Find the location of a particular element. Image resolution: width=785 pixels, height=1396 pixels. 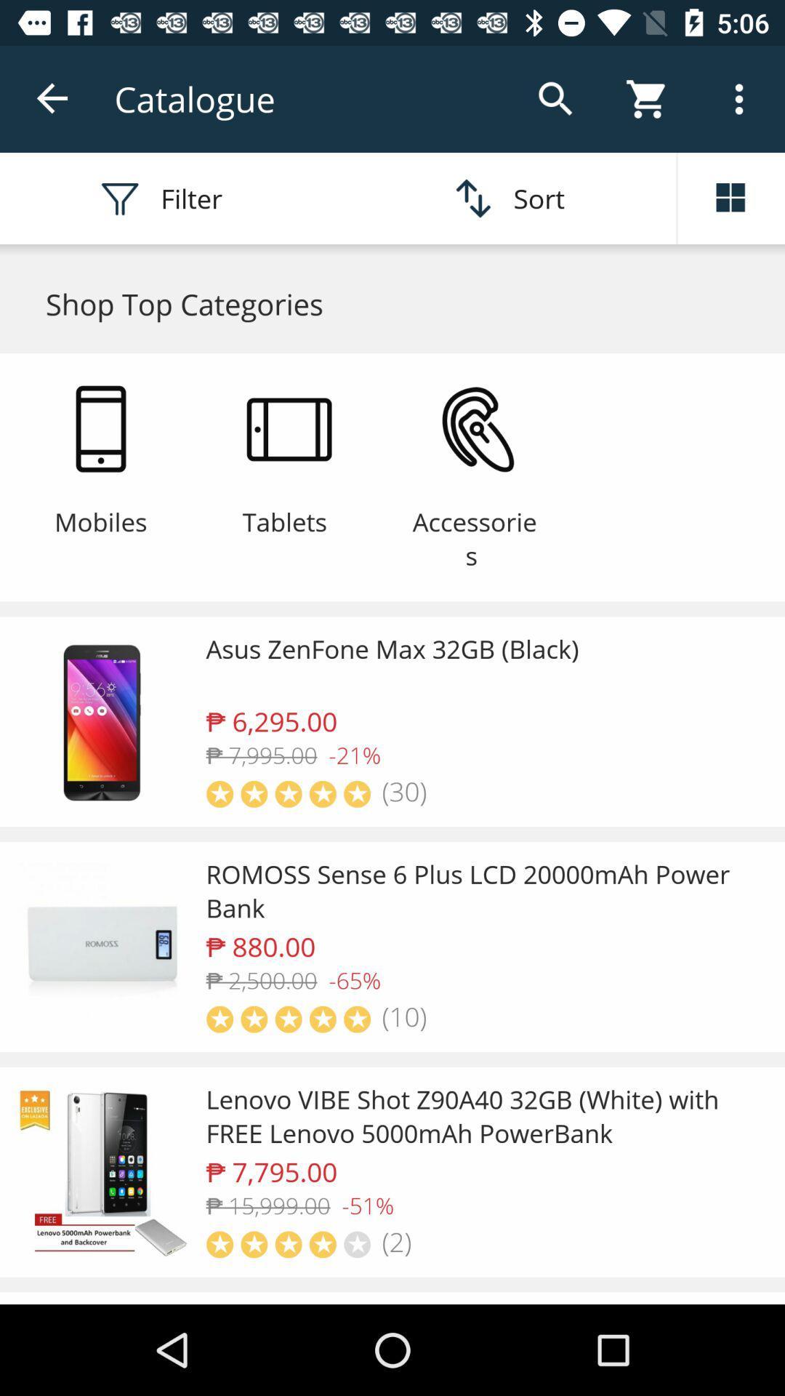

the icon to the left of catalogue icon is located at coordinates (52, 98).